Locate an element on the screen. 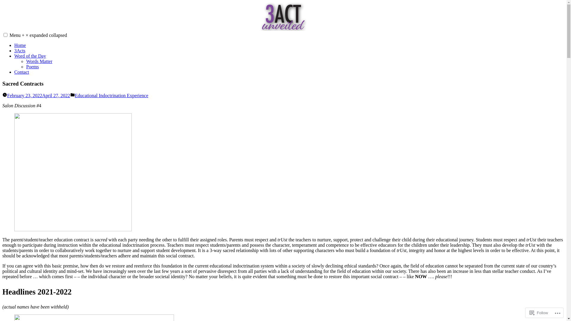 The image size is (571, 321). '3Acts' is located at coordinates (20, 50).